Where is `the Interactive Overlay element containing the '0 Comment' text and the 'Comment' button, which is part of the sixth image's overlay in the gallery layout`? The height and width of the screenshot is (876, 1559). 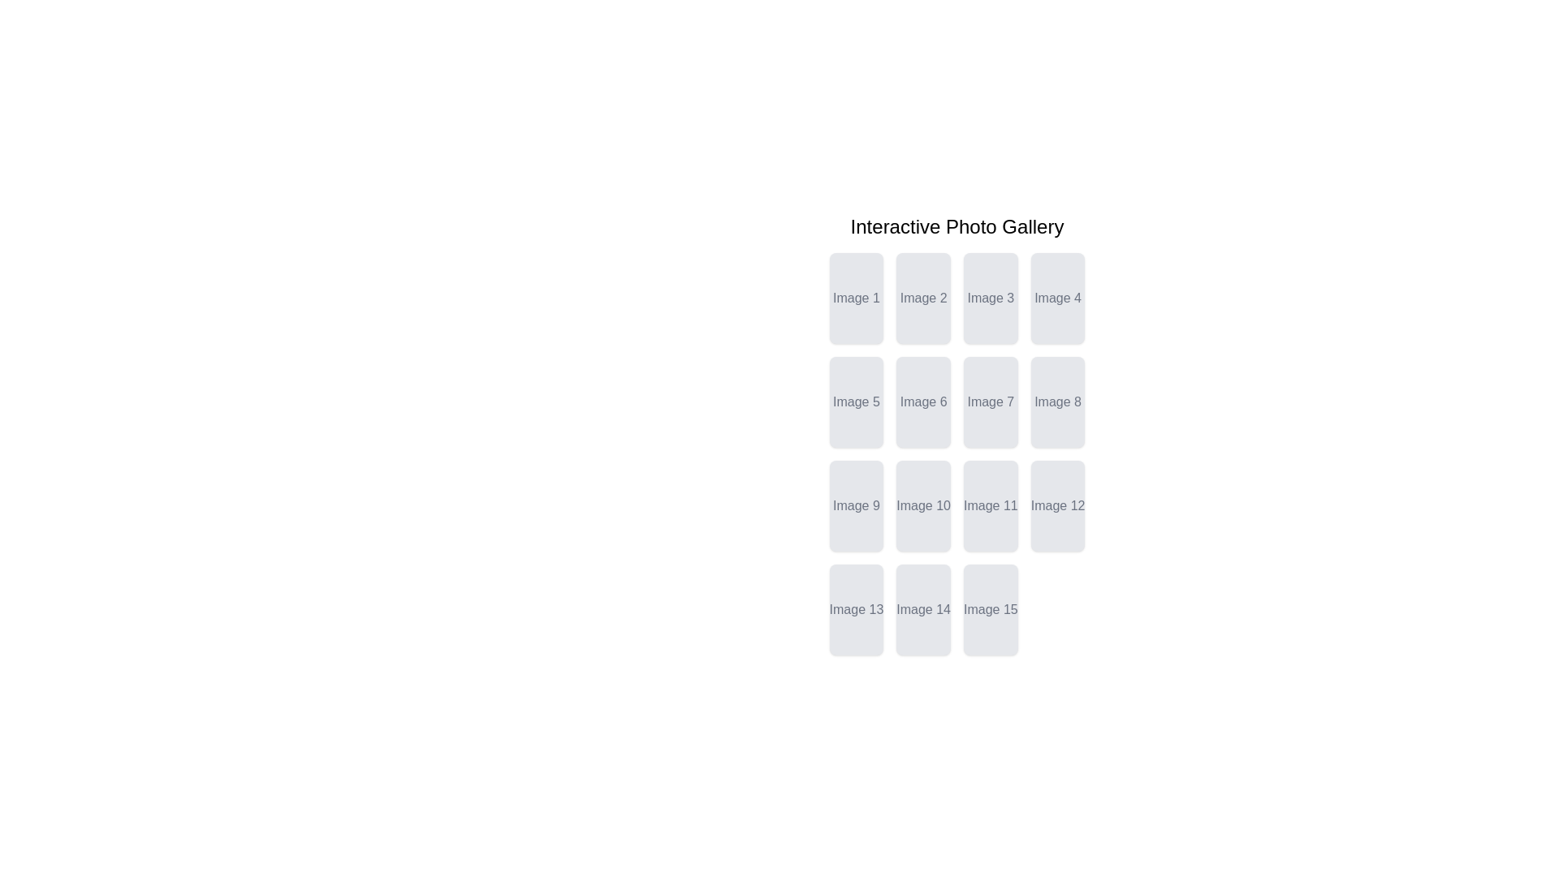 the Interactive Overlay element containing the '0 Comment' text and the 'Comment' button, which is part of the sixth image's overlay in the gallery layout is located at coordinates (923, 414).